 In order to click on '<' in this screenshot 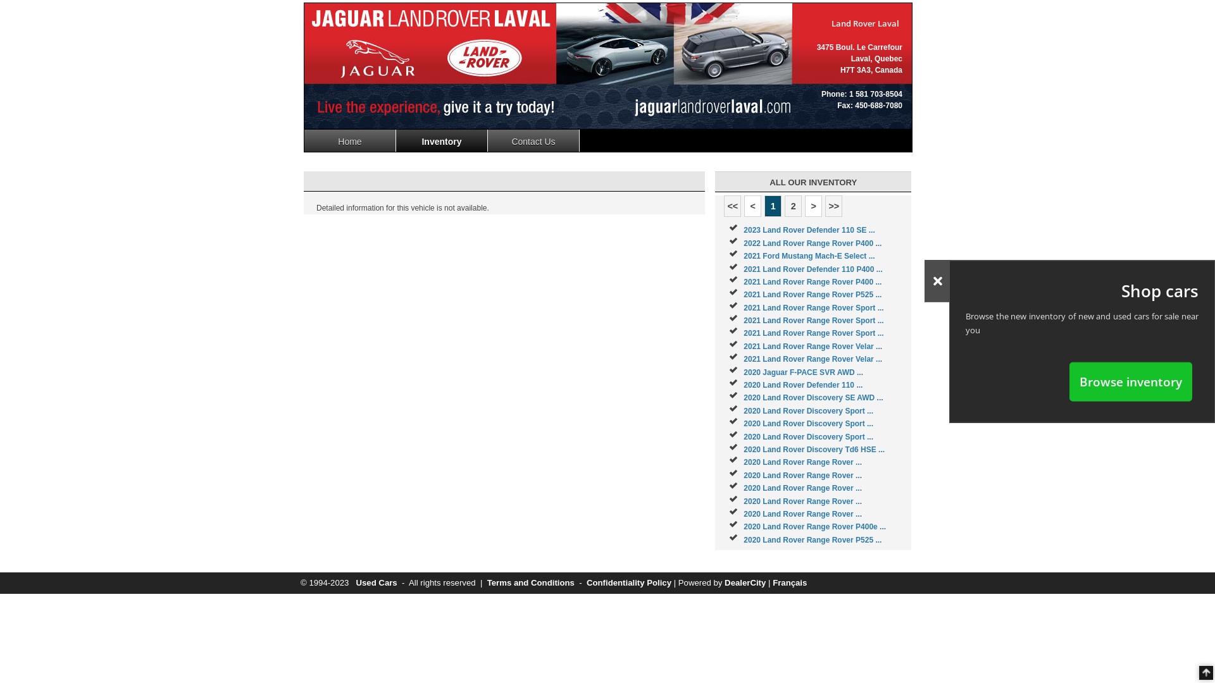, I will do `click(752, 206)`.